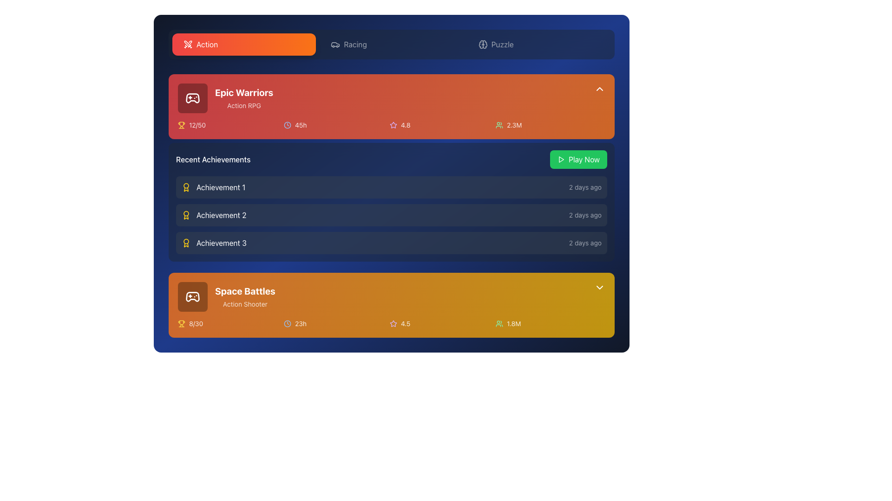 The height and width of the screenshot is (501, 892). What do you see at coordinates (392, 243) in the screenshot?
I see `the third list item in the 'Recent Achievements' section, which displays information about a specific achievement and the time elapsed since it was achieved` at bounding box center [392, 243].